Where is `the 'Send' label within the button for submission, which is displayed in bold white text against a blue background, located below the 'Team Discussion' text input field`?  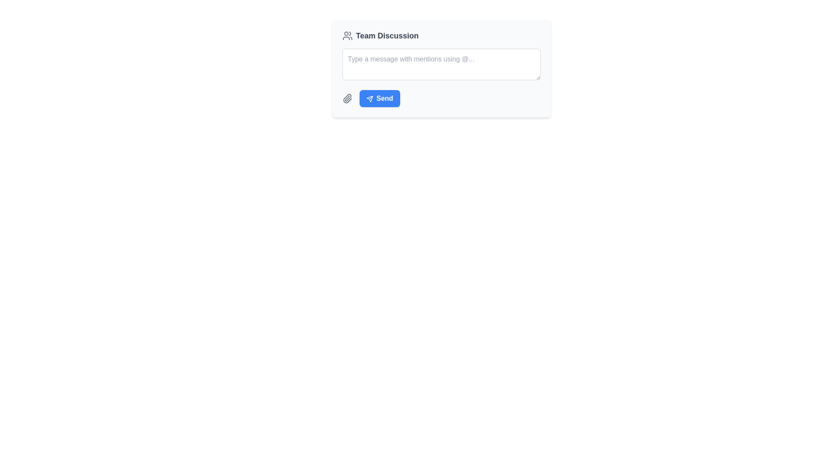 the 'Send' label within the button for submission, which is displayed in bold white text against a blue background, located below the 'Team Discussion' text input field is located at coordinates (384, 98).